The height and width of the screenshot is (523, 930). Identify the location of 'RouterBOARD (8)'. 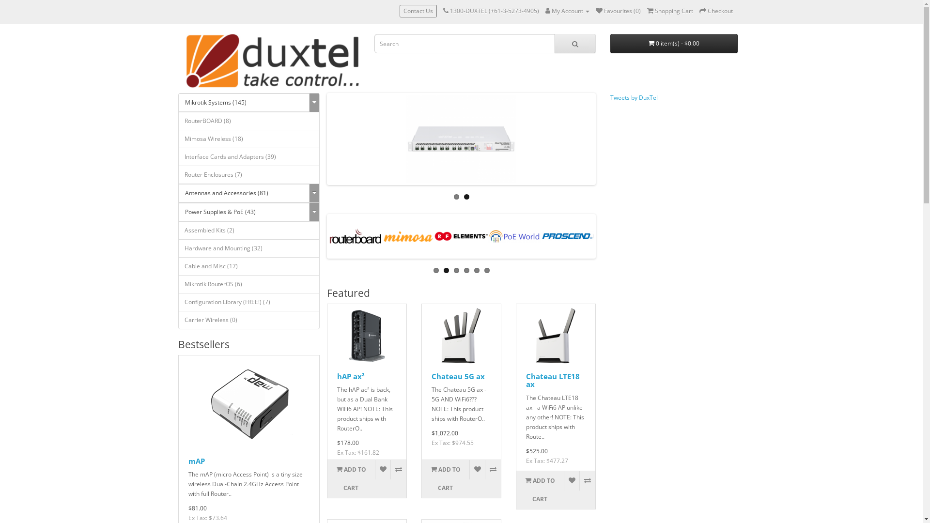
(249, 121).